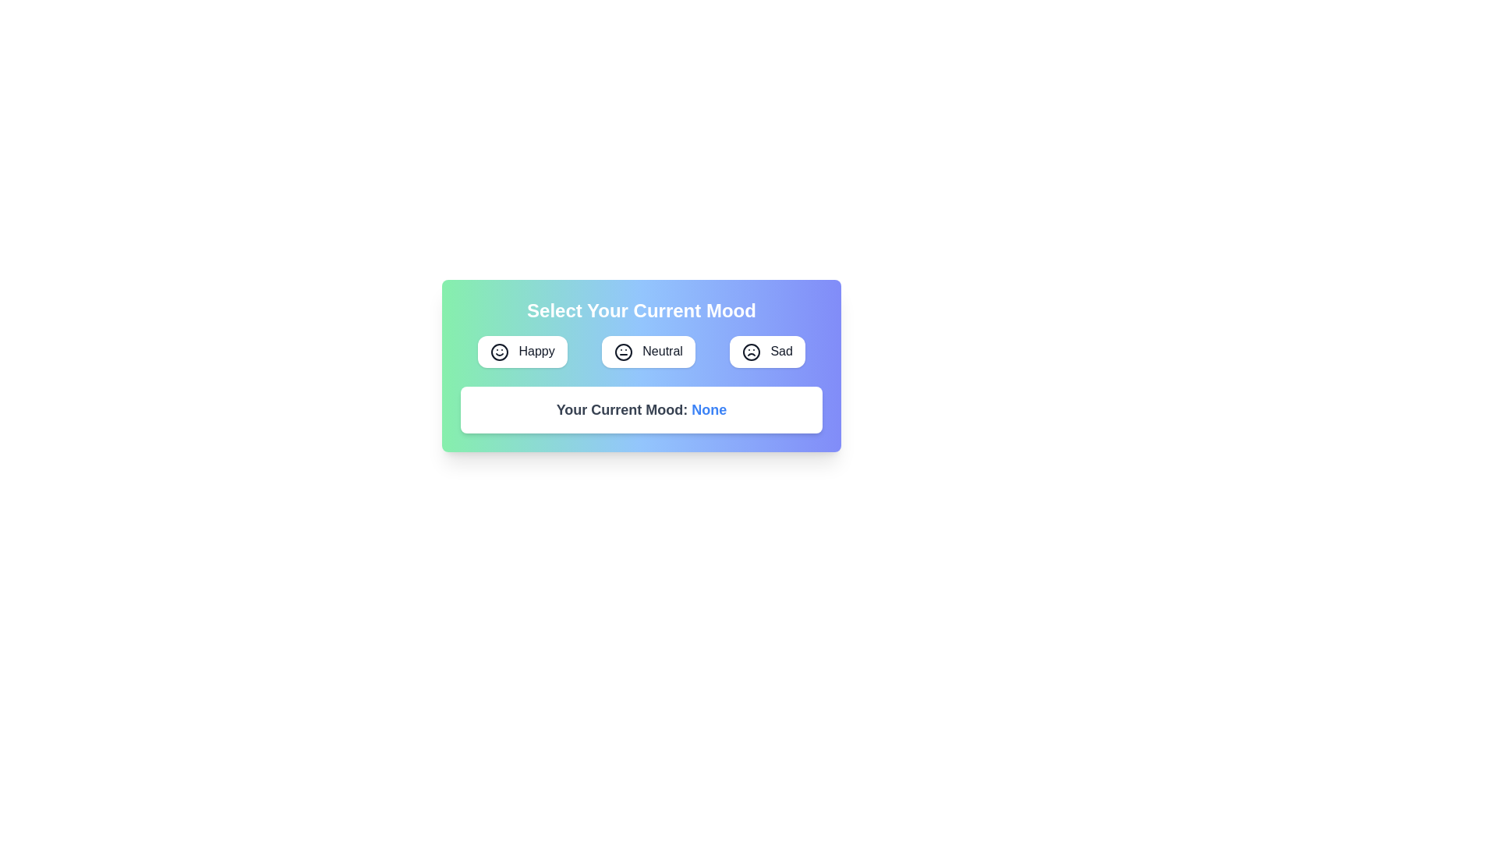 Image resolution: width=1497 pixels, height=842 pixels. I want to click on the 'Neutral' button, which displays the text 'Neutral' with a neutral face icon, to observe the style changes such as background and text color alterations, so click(648, 352).